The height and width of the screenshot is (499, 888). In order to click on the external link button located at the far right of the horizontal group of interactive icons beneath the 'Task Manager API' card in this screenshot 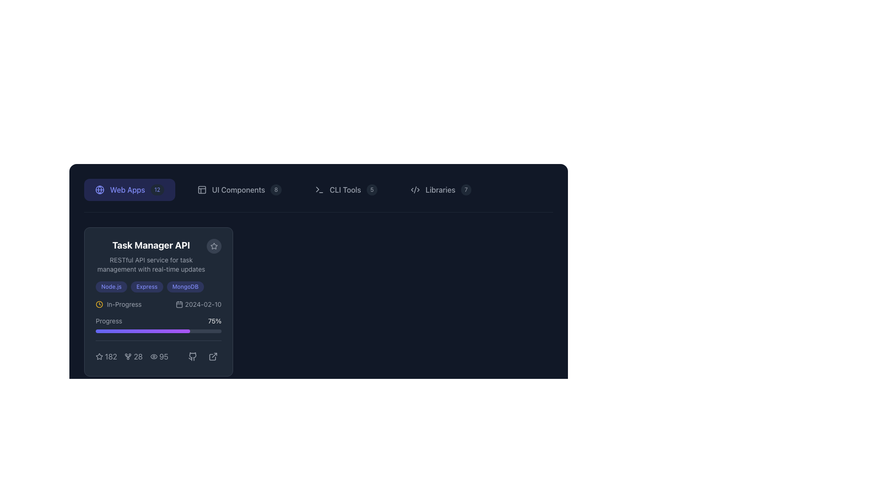, I will do `click(212, 356)`.